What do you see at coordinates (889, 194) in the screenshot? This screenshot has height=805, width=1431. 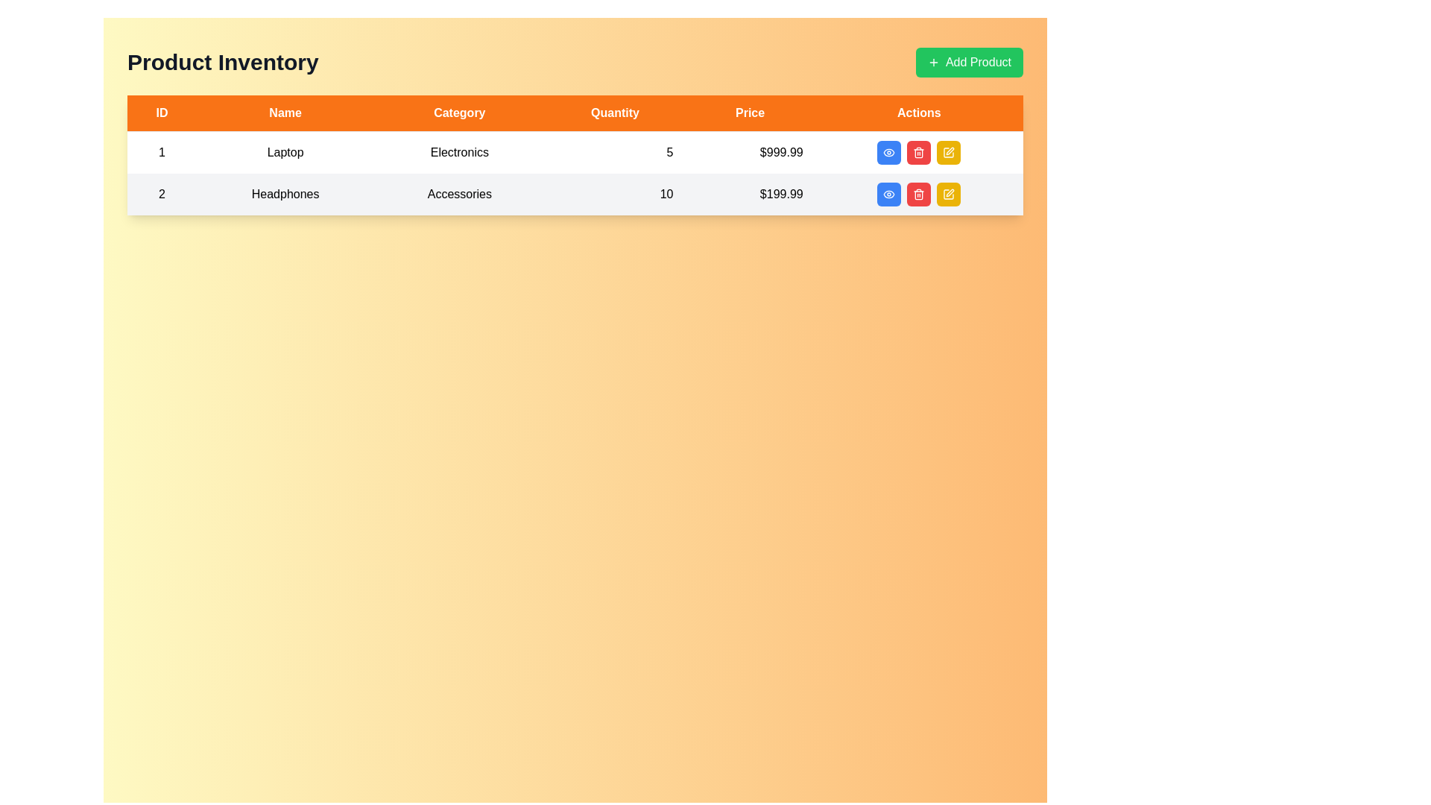 I see `the circular eye icon button with a blue background located in the 'Actions' column of the second row in the table` at bounding box center [889, 194].